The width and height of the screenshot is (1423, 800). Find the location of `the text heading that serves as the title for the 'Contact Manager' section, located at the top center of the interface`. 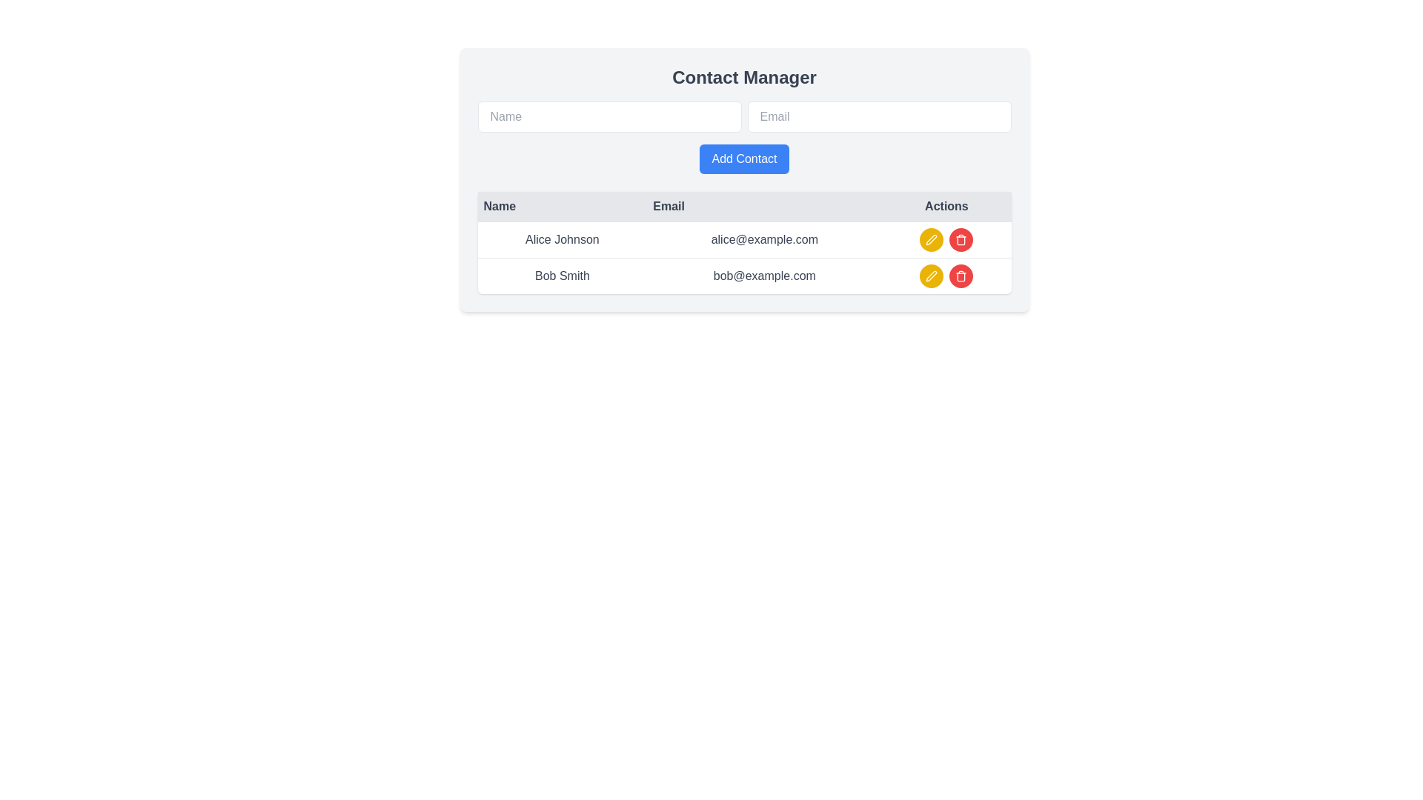

the text heading that serves as the title for the 'Contact Manager' section, located at the top center of the interface is located at coordinates (744, 77).